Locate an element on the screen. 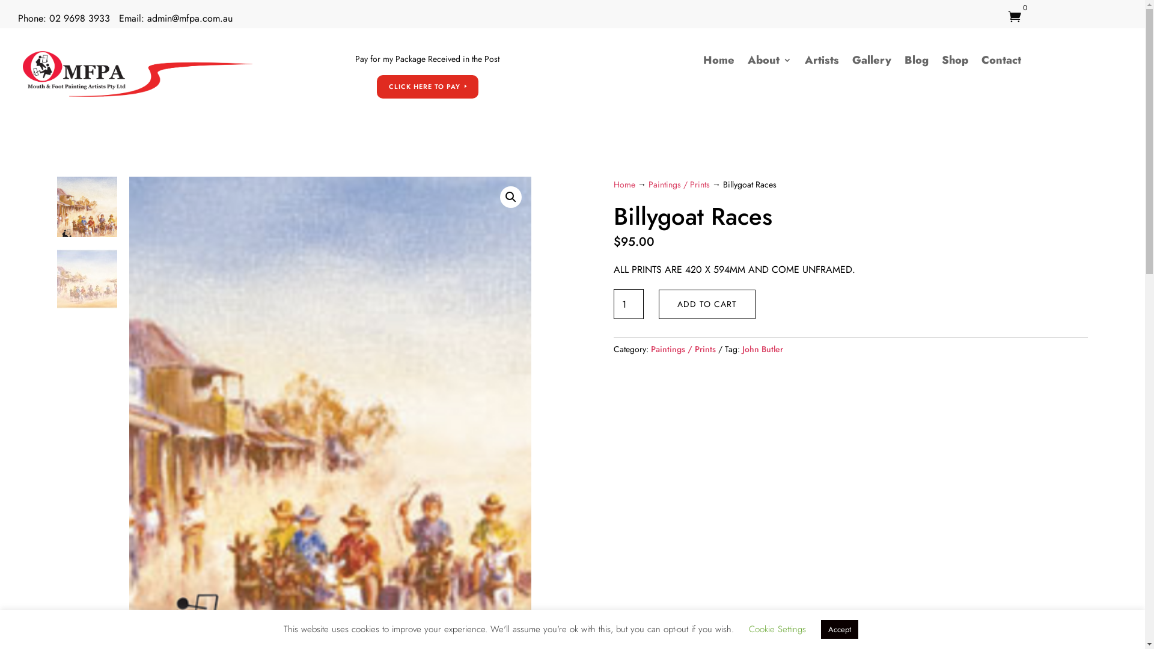 Image resolution: width=1154 pixels, height=649 pixels. 'Contact' is located at coordinates (1001, 62).